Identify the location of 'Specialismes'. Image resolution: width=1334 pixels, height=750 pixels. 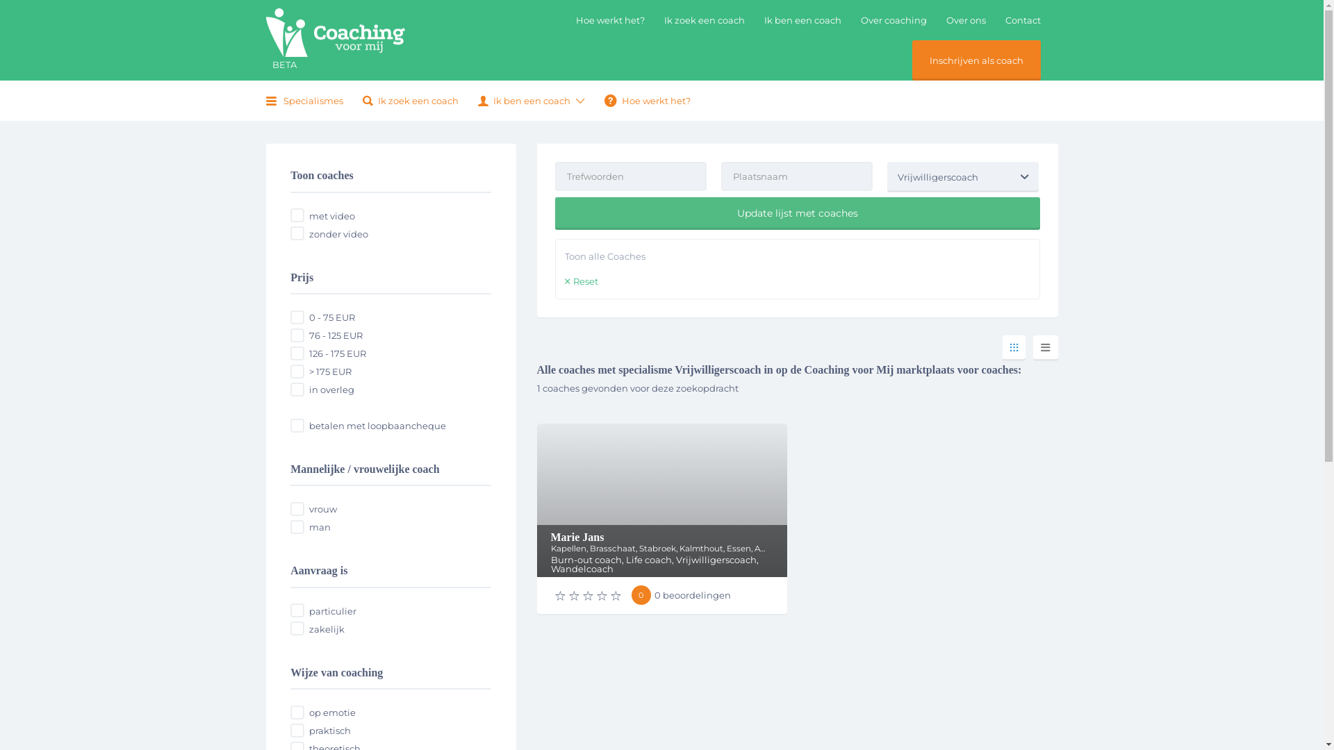
(305, 100).